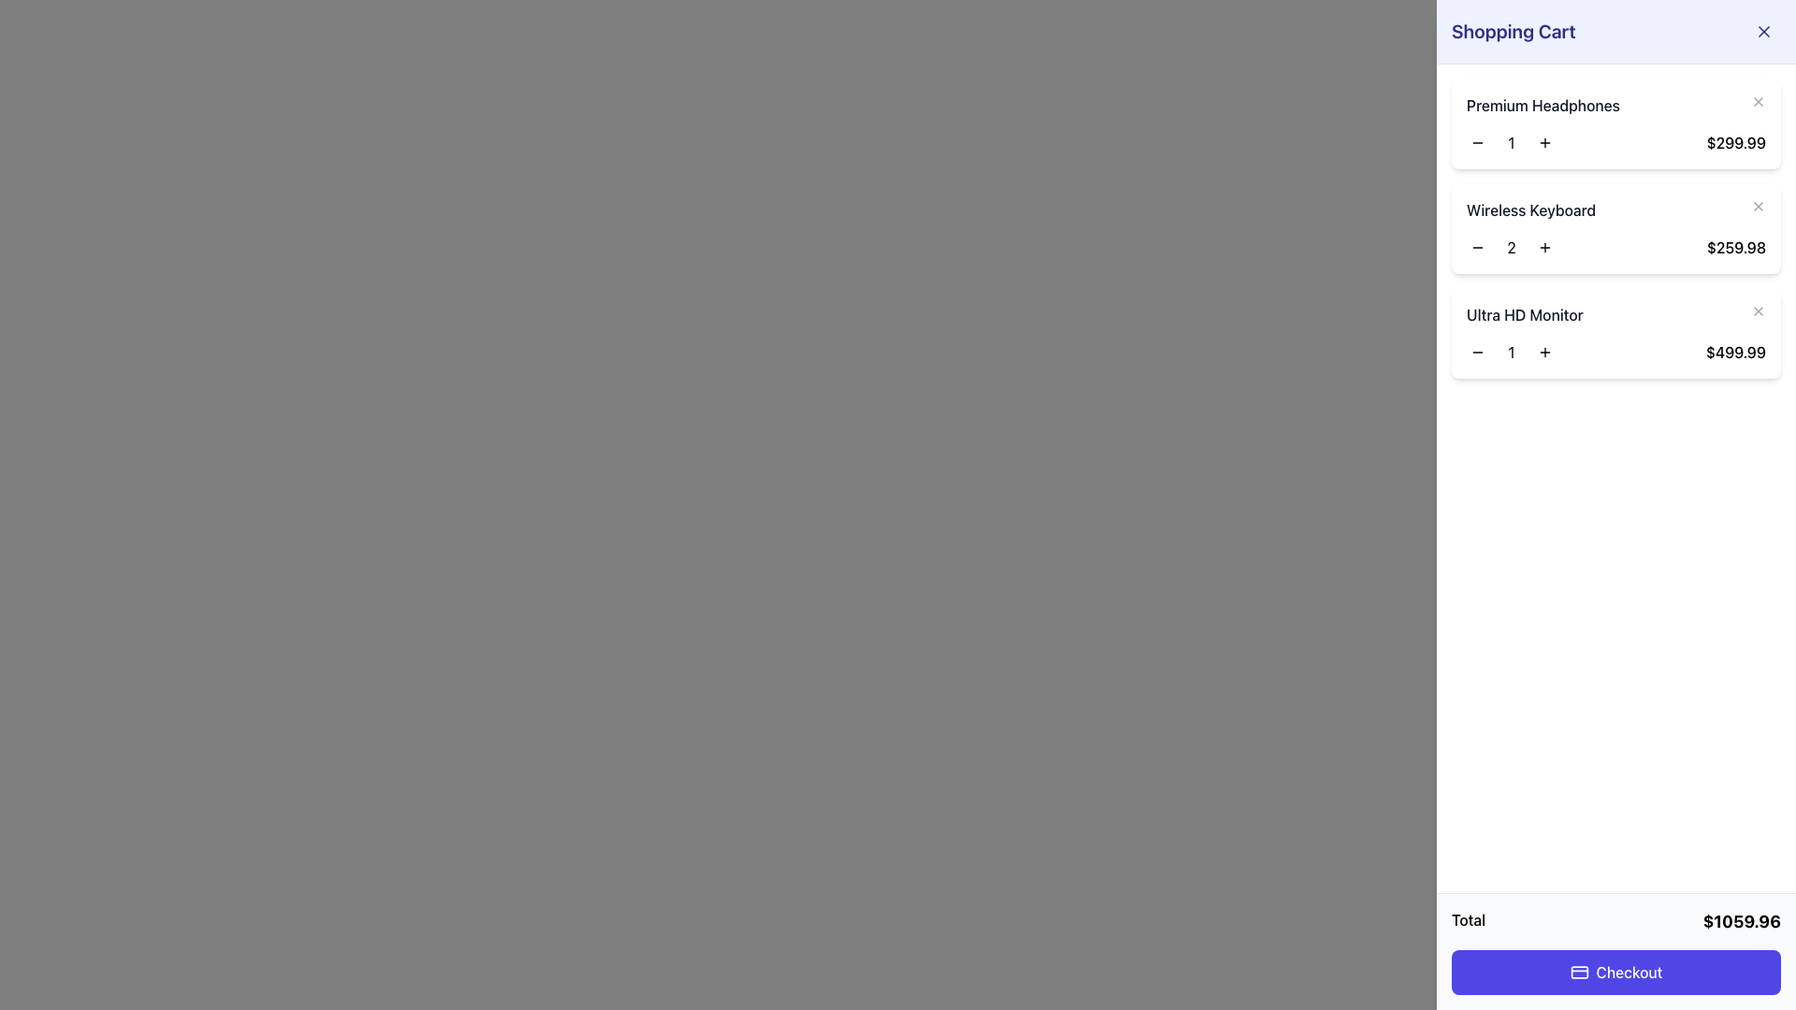 Image resolution: width=1796 pixels, height=1010 pixels. Describe the element at coordinates (1763, 32) in the screenshot. I see `the X symbol located in the top-right corner of the 'Shopping Cart' interface` at that location.